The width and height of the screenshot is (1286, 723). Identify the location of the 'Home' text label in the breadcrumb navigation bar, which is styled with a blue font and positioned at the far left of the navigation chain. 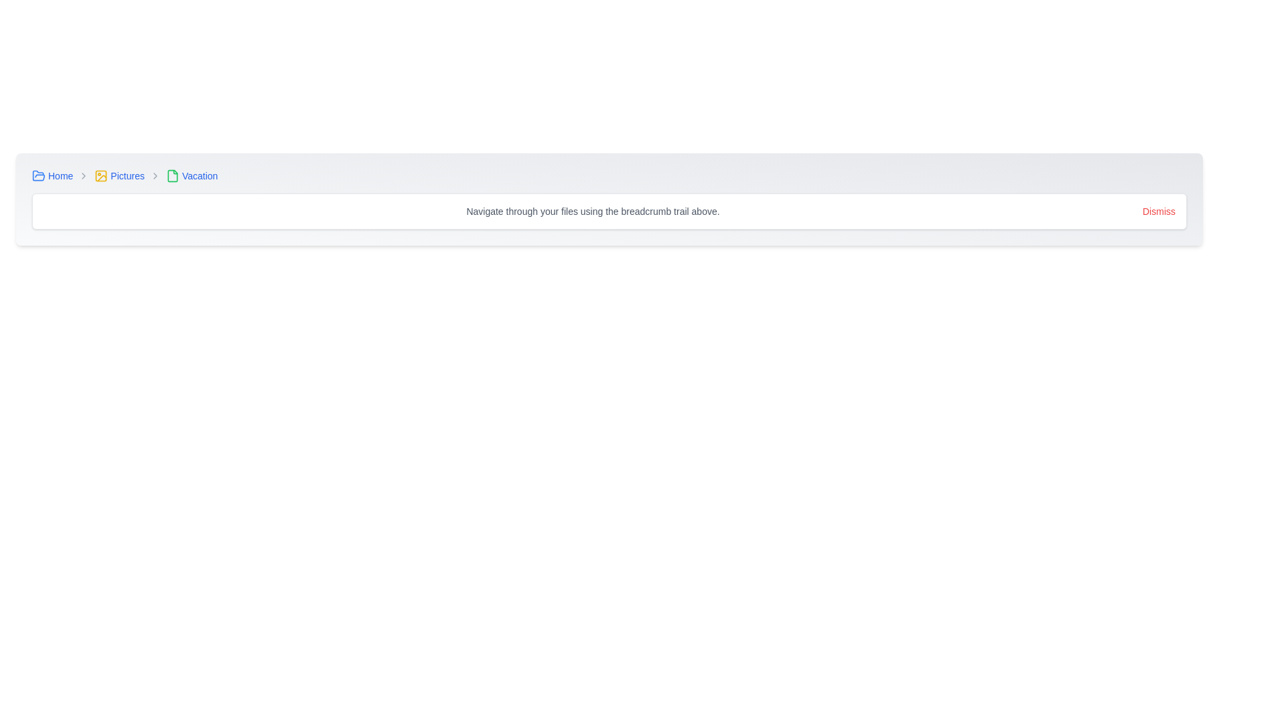
(60, 175).